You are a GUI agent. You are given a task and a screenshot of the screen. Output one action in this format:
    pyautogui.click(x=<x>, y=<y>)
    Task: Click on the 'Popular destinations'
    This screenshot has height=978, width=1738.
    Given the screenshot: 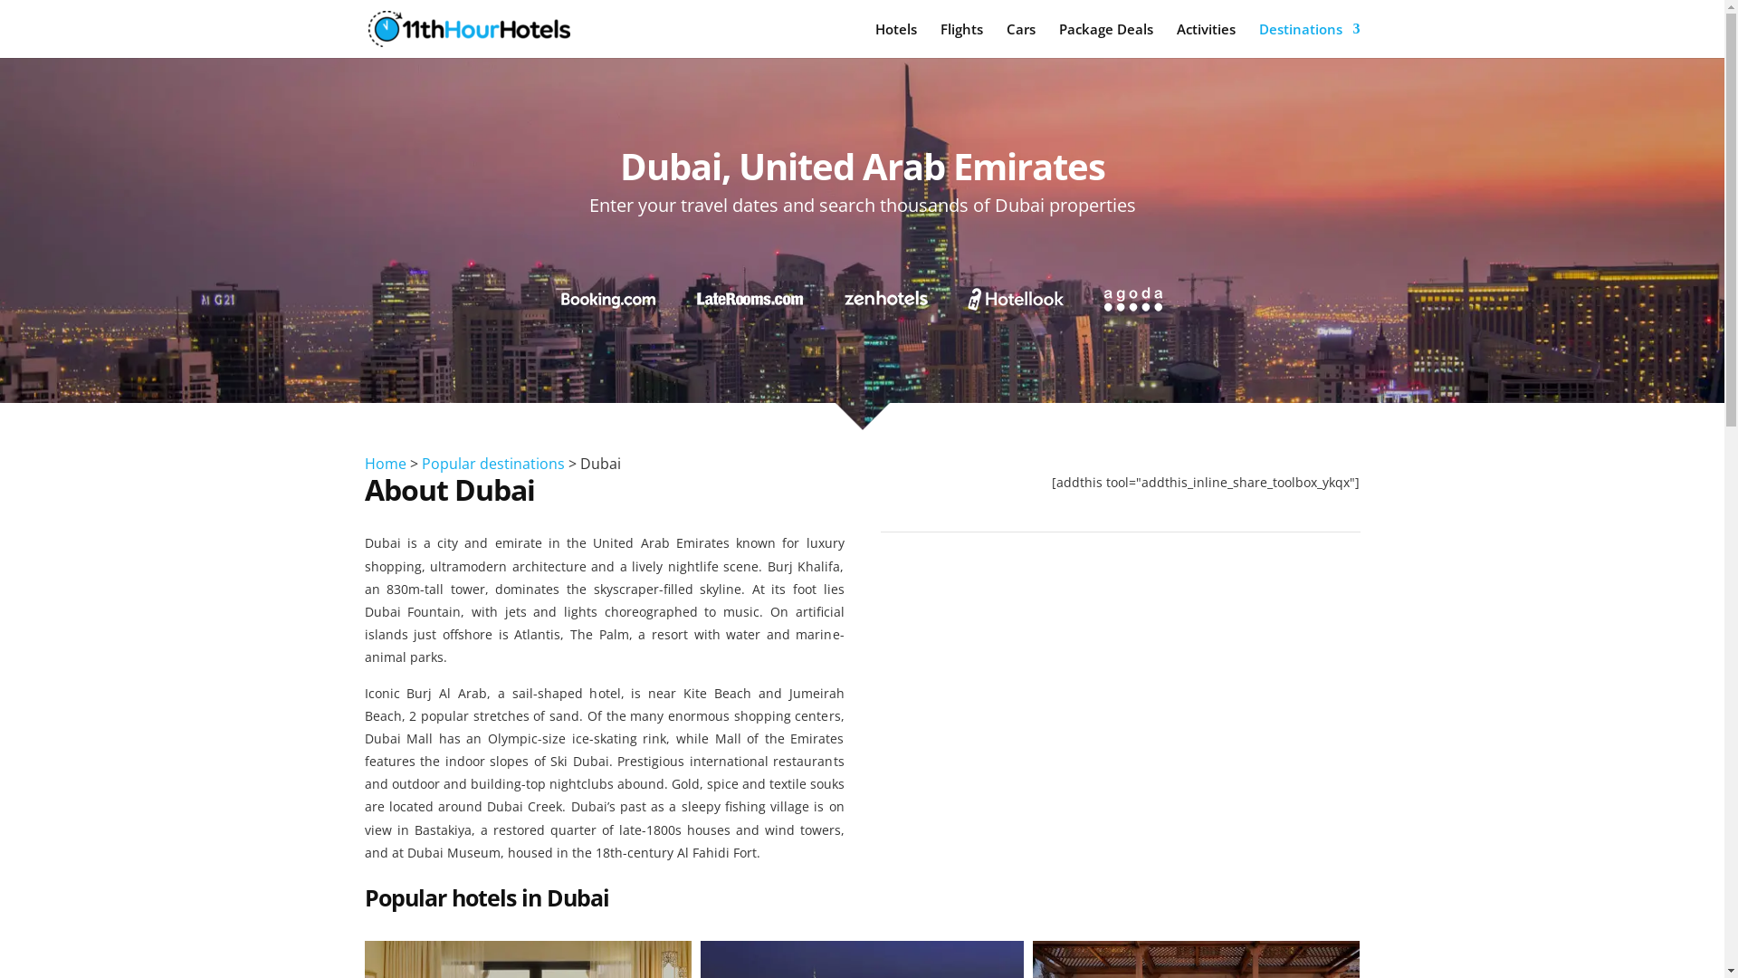 What is the action you would take?
    pyautogui.click(x=420, y=463)
    